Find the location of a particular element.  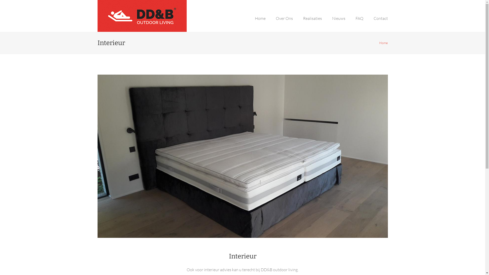

'Home' is located at coordinates (383, 43).